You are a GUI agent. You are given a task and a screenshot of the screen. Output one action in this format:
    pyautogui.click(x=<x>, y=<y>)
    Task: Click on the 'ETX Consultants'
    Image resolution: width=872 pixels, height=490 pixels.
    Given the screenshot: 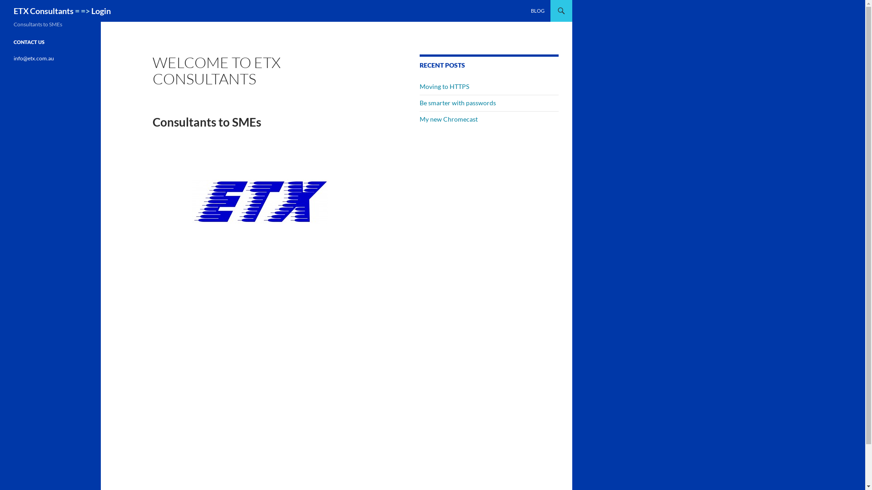 What is the action you would take?
    pyautogui.click(x=43, y=10)
    